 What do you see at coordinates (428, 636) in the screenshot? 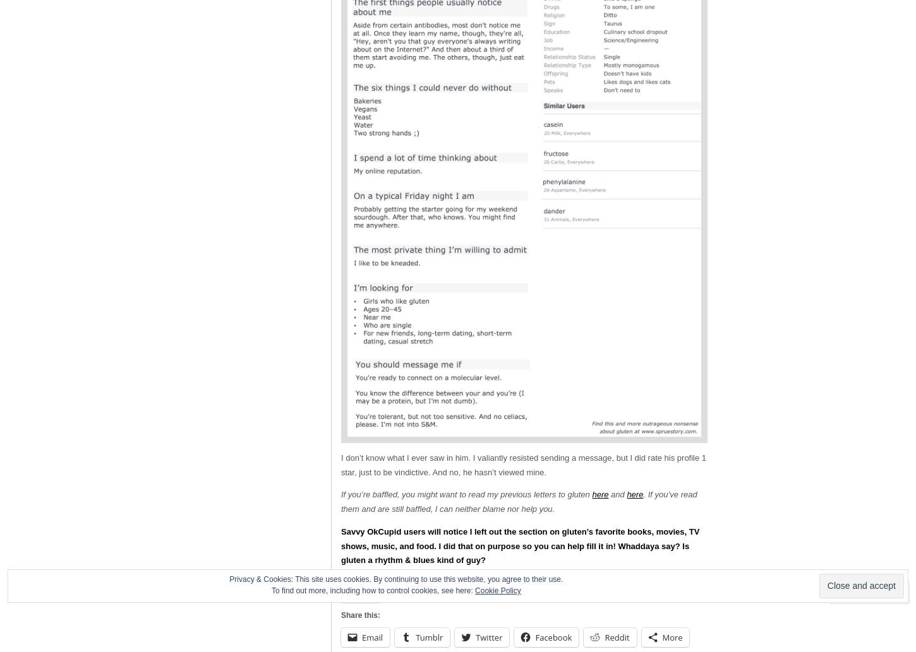
I see `'Tumblr'` at bounding box center [428, 636].